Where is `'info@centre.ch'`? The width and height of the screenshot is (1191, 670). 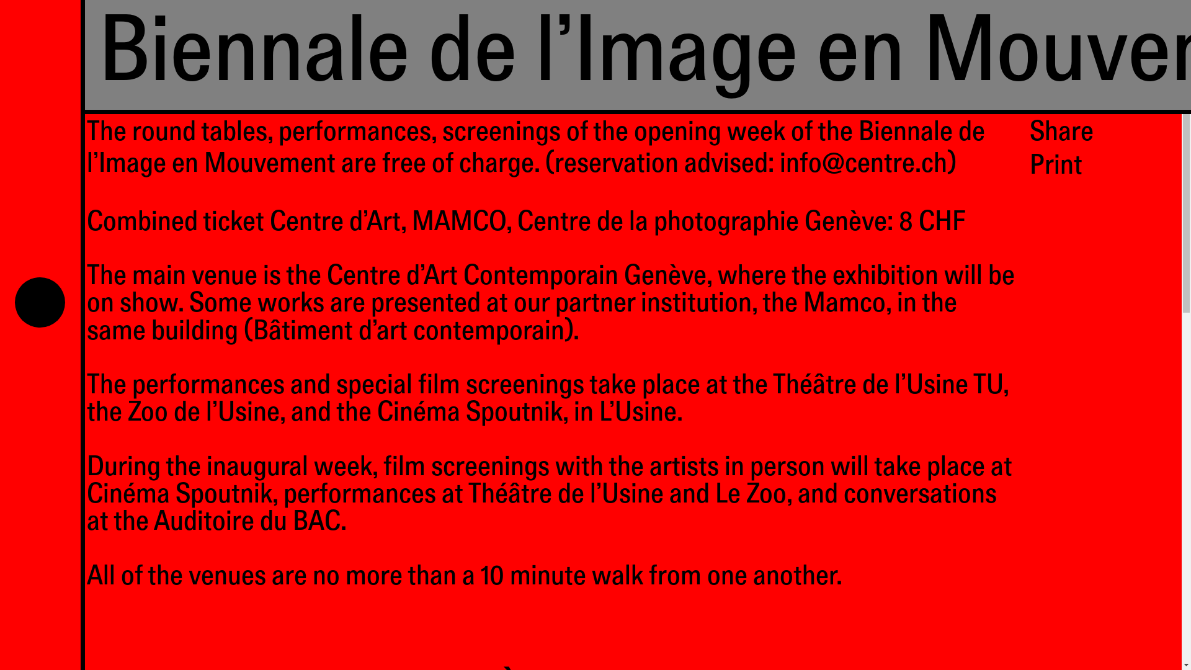 'info@centre.ch' is located at coordinates (863, 166).